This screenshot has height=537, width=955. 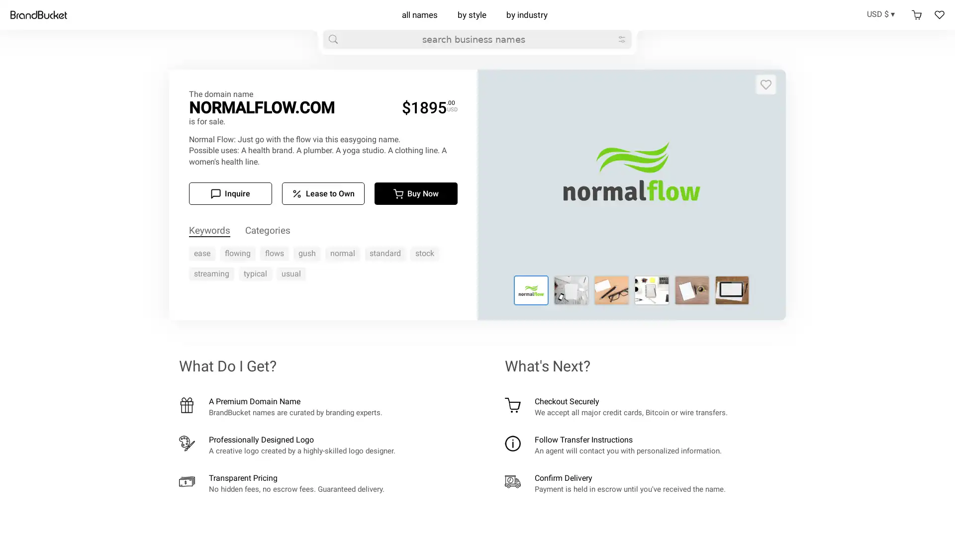 What do you see at coordinates (884, 13) in the screenshot?
I see `USD $` at bounding box center [884, 13].